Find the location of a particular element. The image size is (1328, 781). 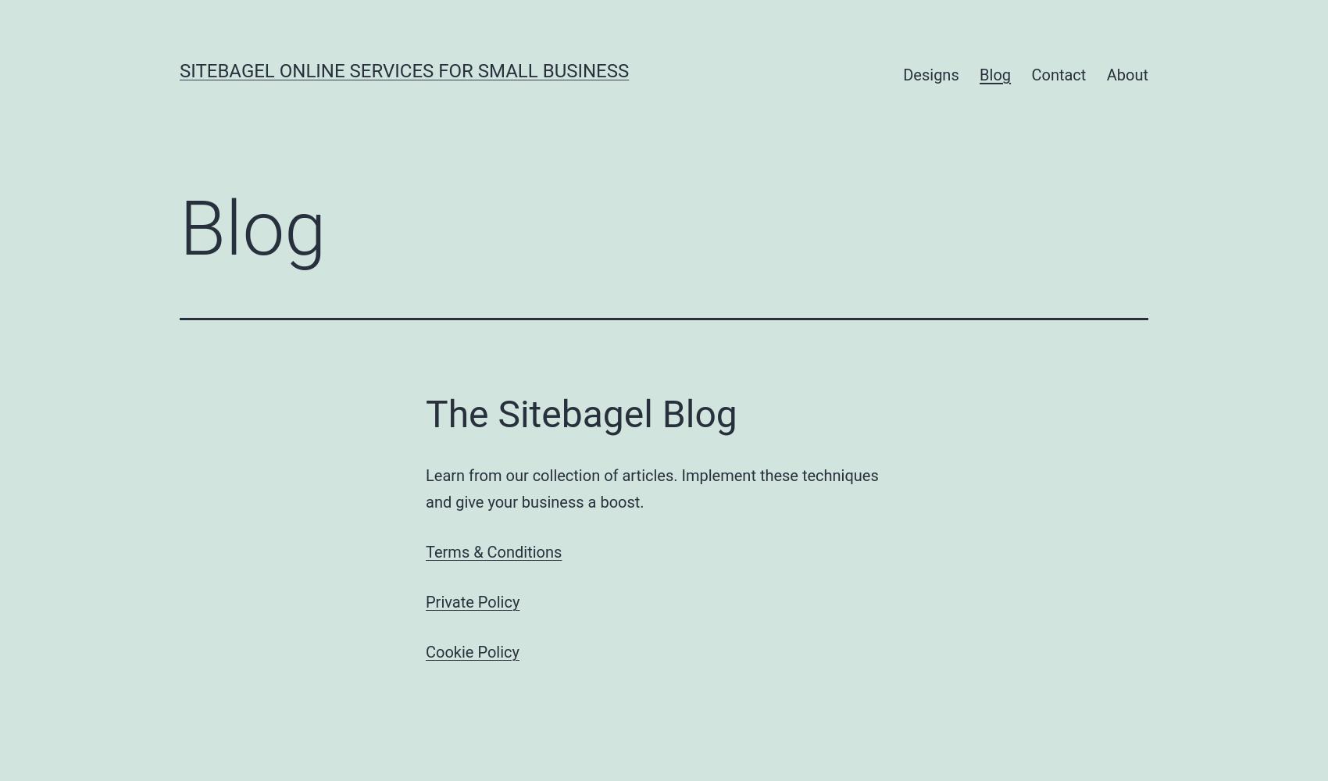

'Contact' is located at coordinates (1058, 74).